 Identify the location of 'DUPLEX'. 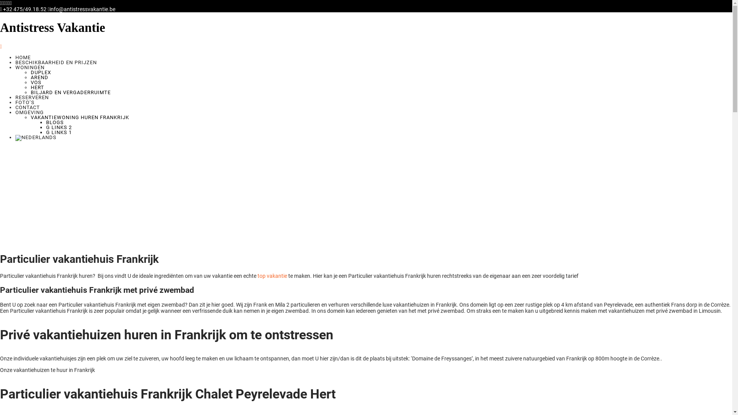
(31, 72).